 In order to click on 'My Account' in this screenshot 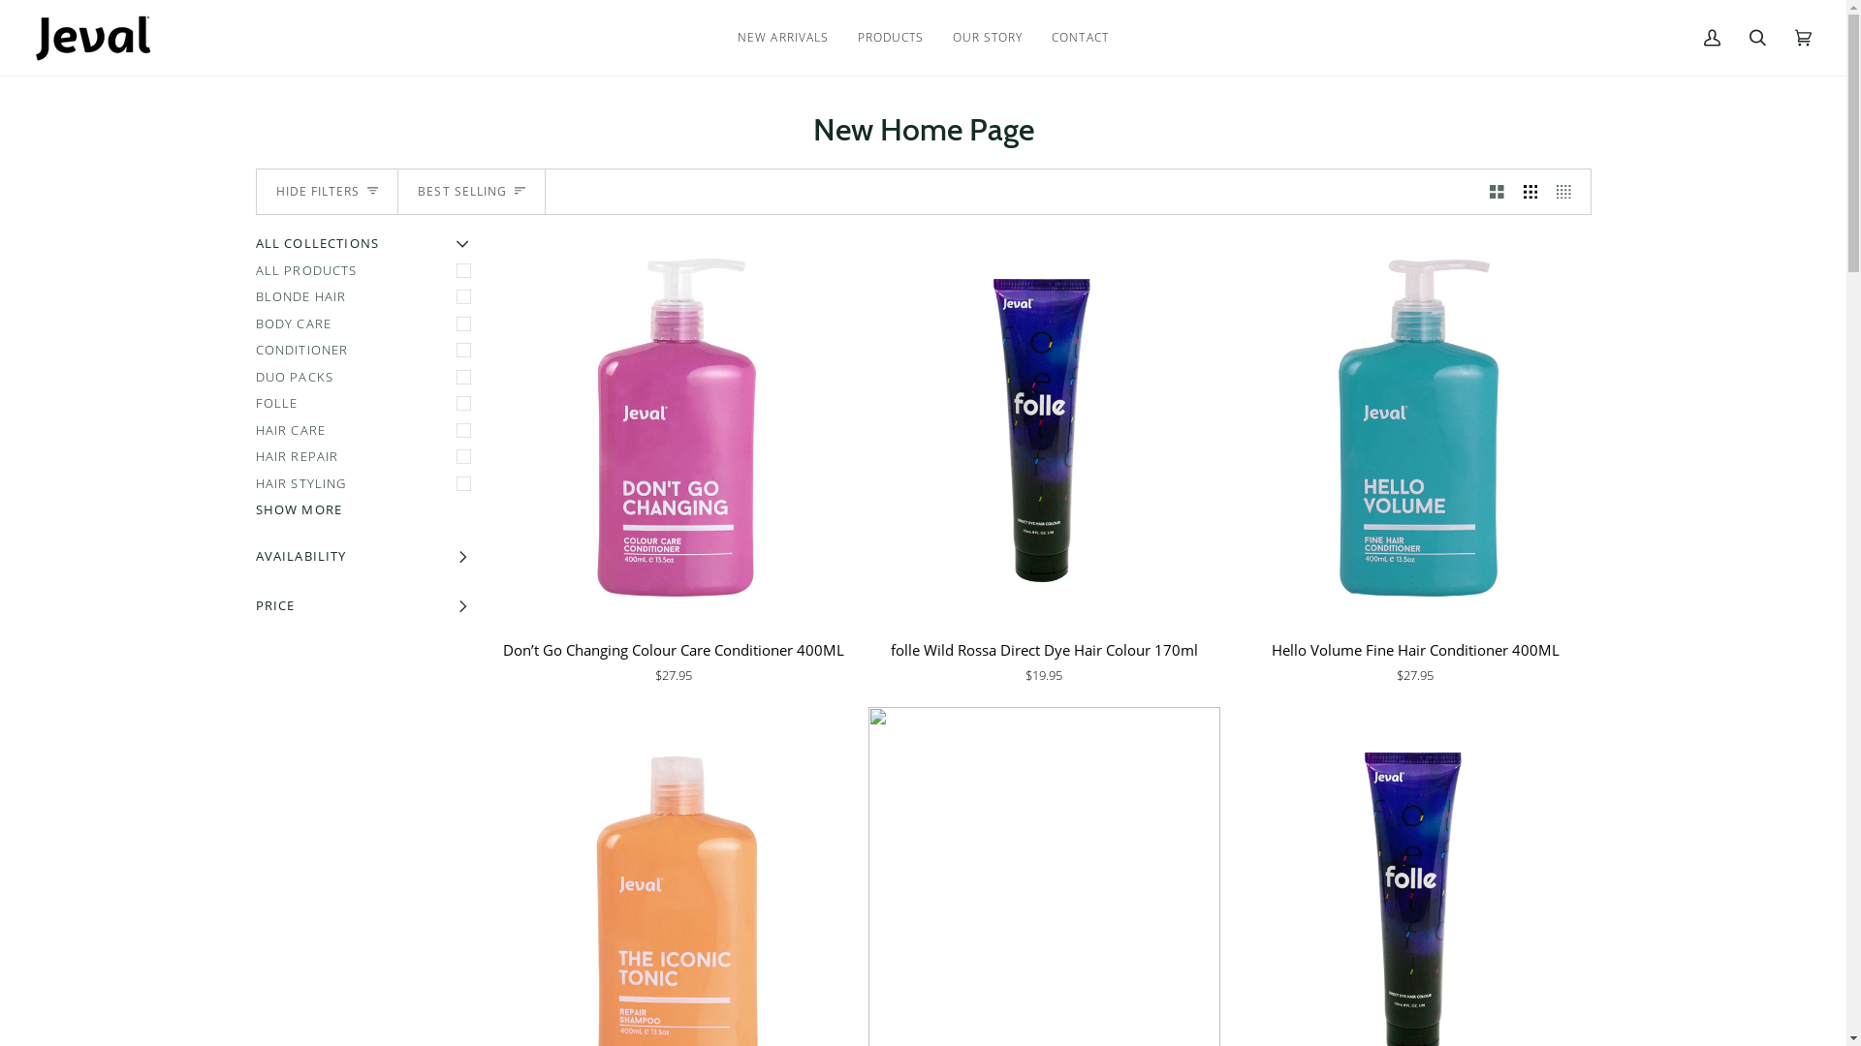, I will do `click(1712, 37)`.